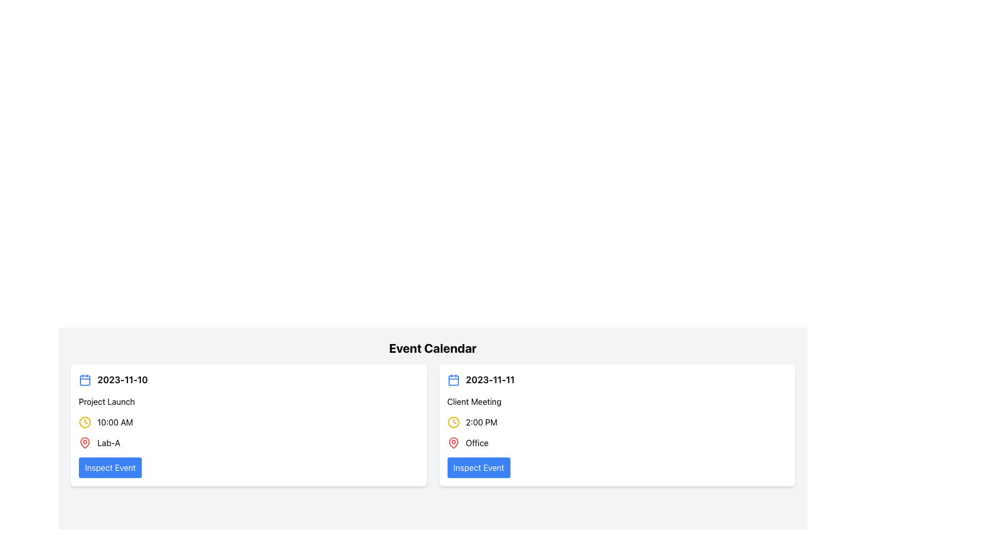  I want to click on the small blue calendar icon located to the left of the date text '2023-11-11' in the top-left corner of the event card, so click(453, 380).